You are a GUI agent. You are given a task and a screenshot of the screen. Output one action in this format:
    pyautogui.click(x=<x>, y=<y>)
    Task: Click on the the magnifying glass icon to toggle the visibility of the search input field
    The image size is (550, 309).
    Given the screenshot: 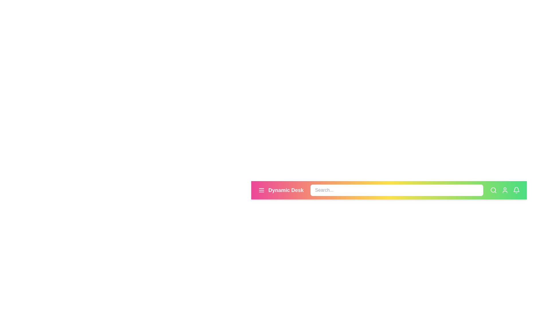 What is the action you would take?
    pyautogui.click(x=493, y=190)
    